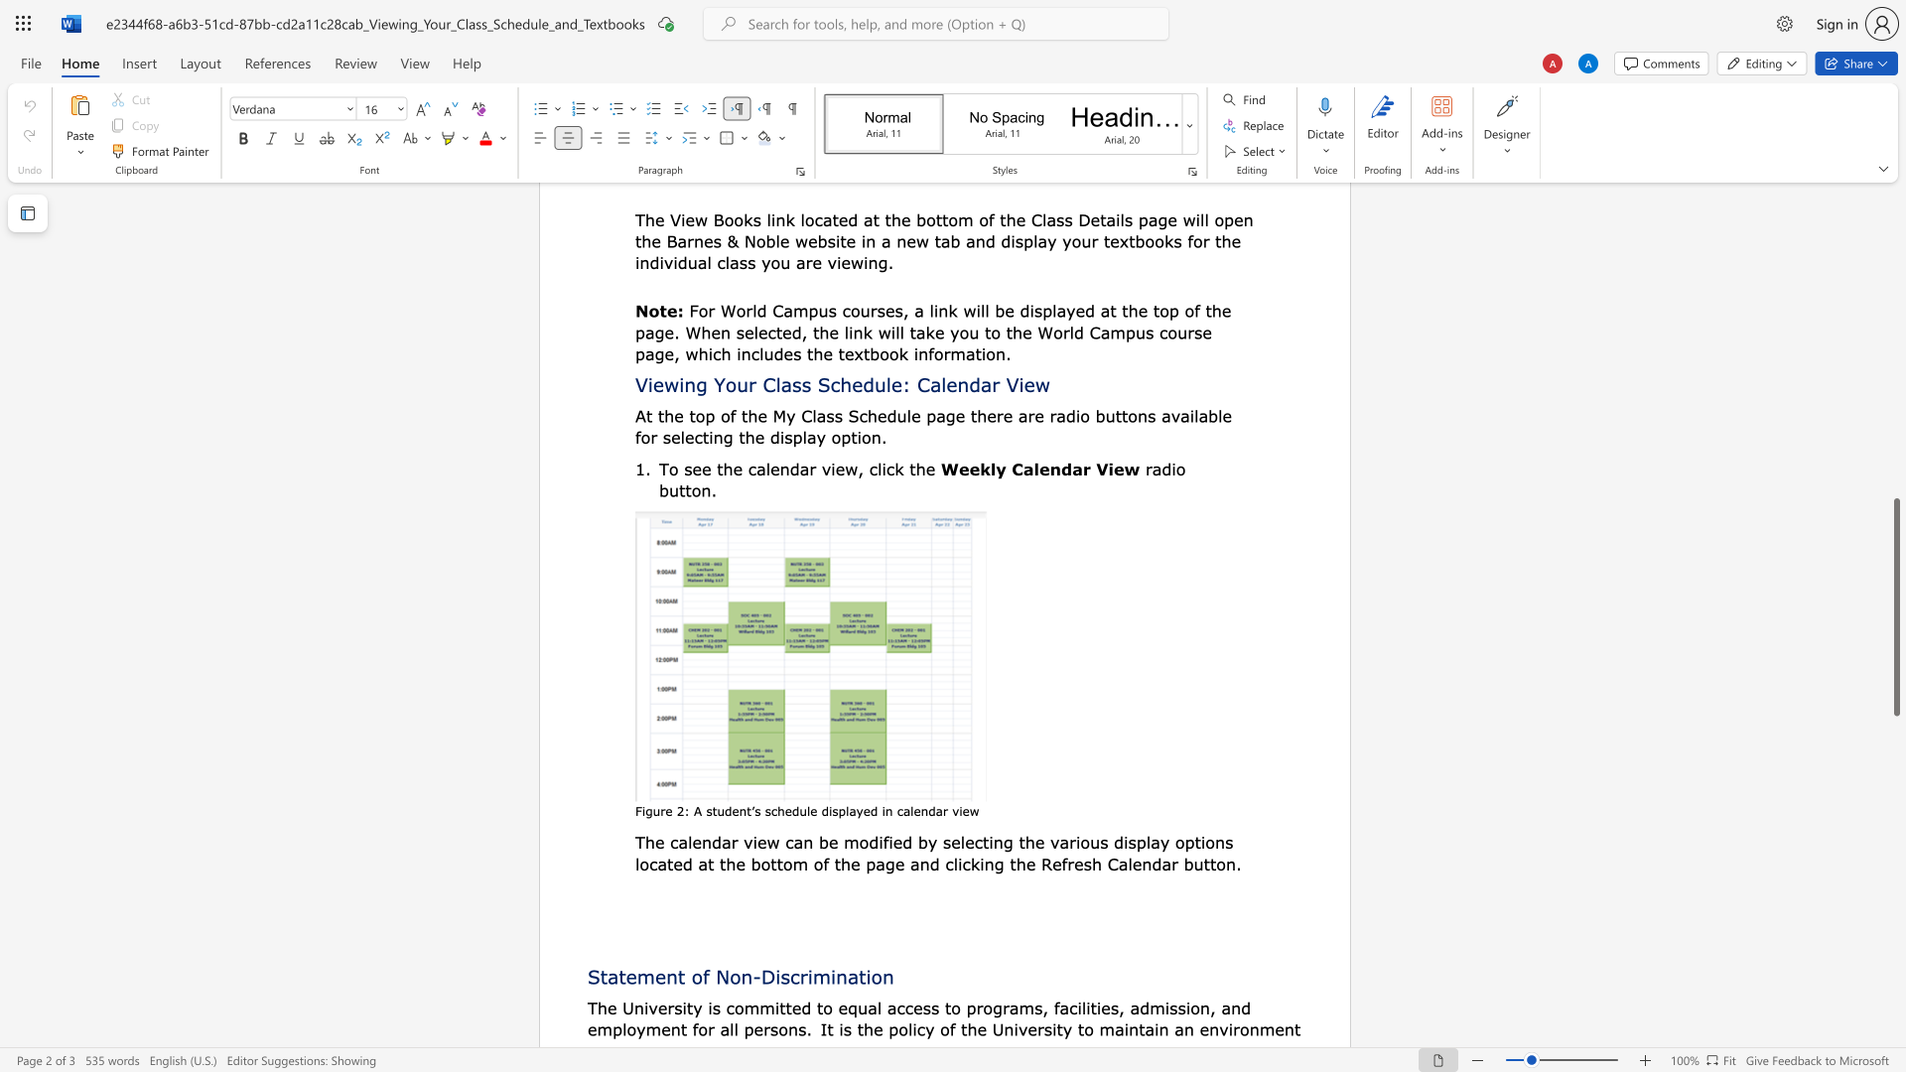 The width and height of the screenshot is (1906, 1072). What do you see at coordinates (1895, 536) in the screenshot?
I see `the scrollbar to move the page up` at bounding box center [1895, 536].